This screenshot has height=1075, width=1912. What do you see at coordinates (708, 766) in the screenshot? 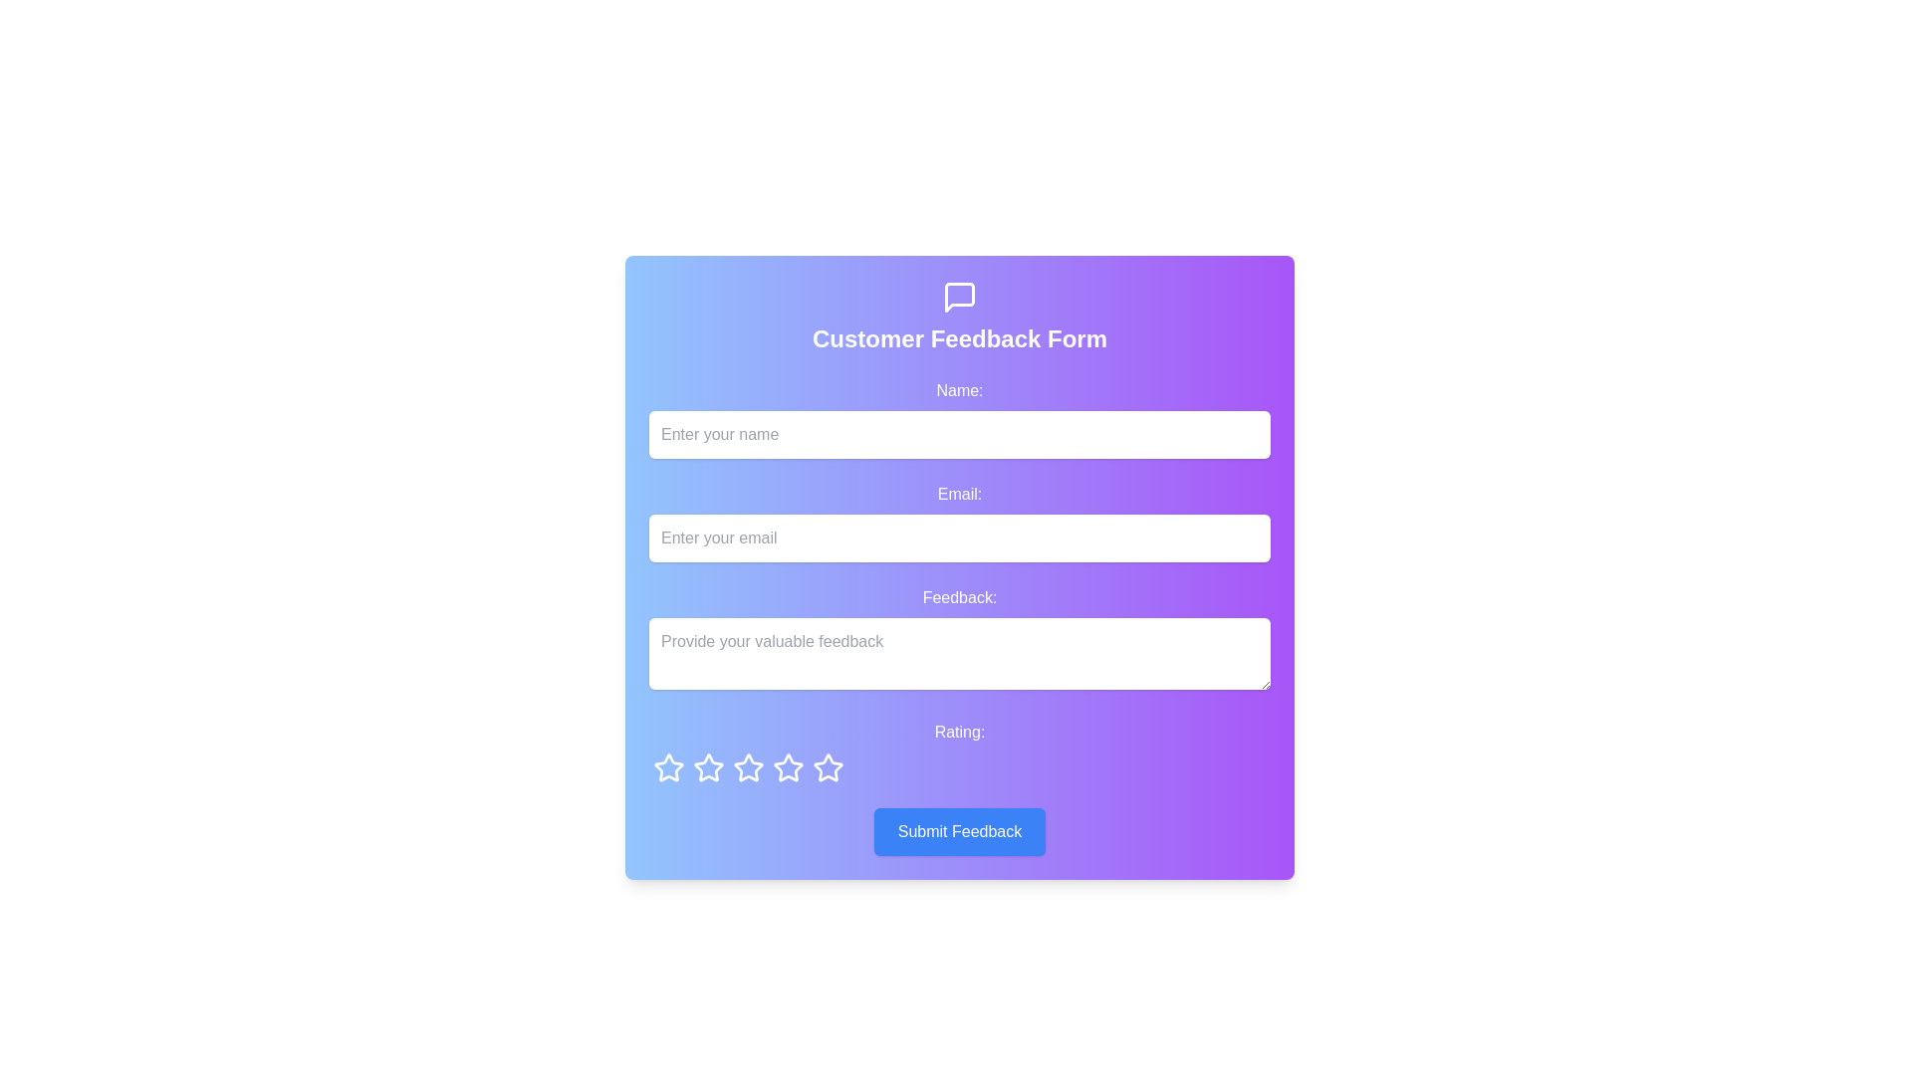
I see `the third star icon` at bounding box center [708, 766].